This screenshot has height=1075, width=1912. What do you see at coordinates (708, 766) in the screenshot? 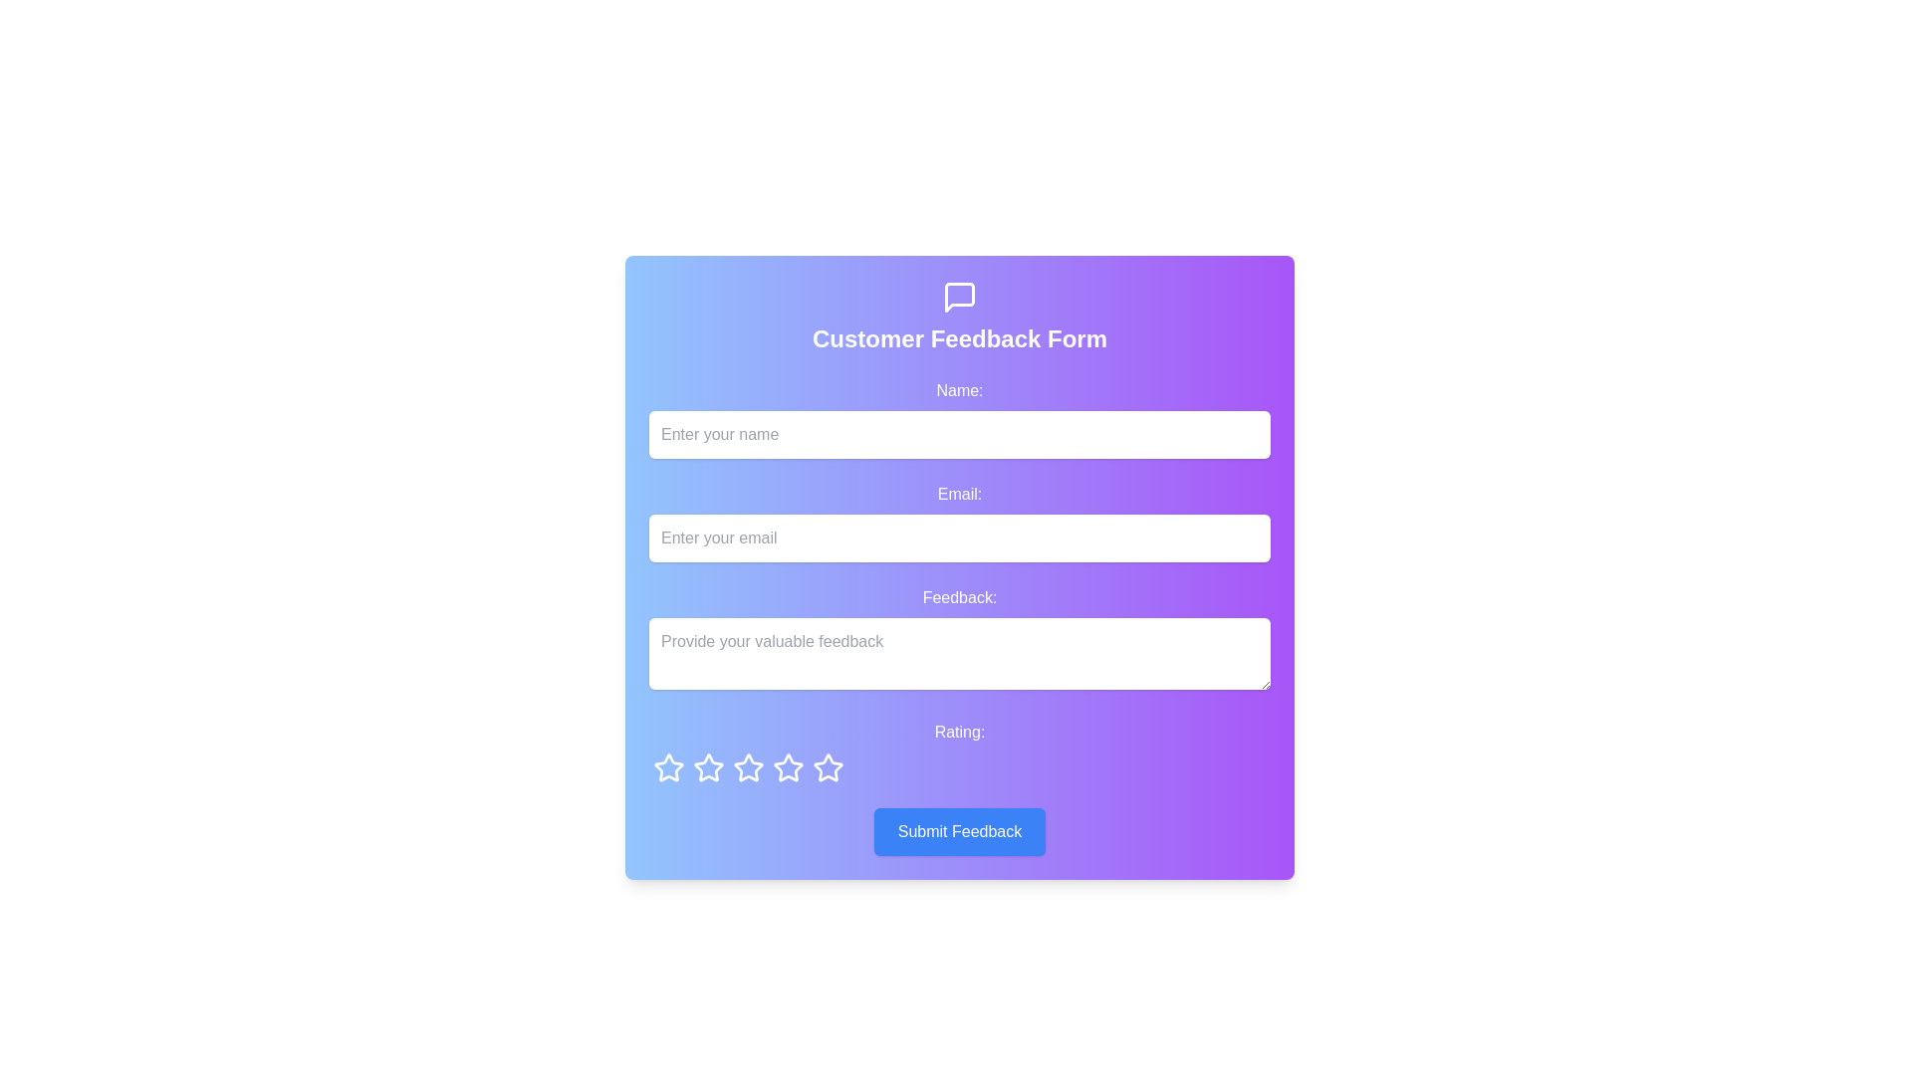
I see `the third star icon` at bounding box center [708, 766].